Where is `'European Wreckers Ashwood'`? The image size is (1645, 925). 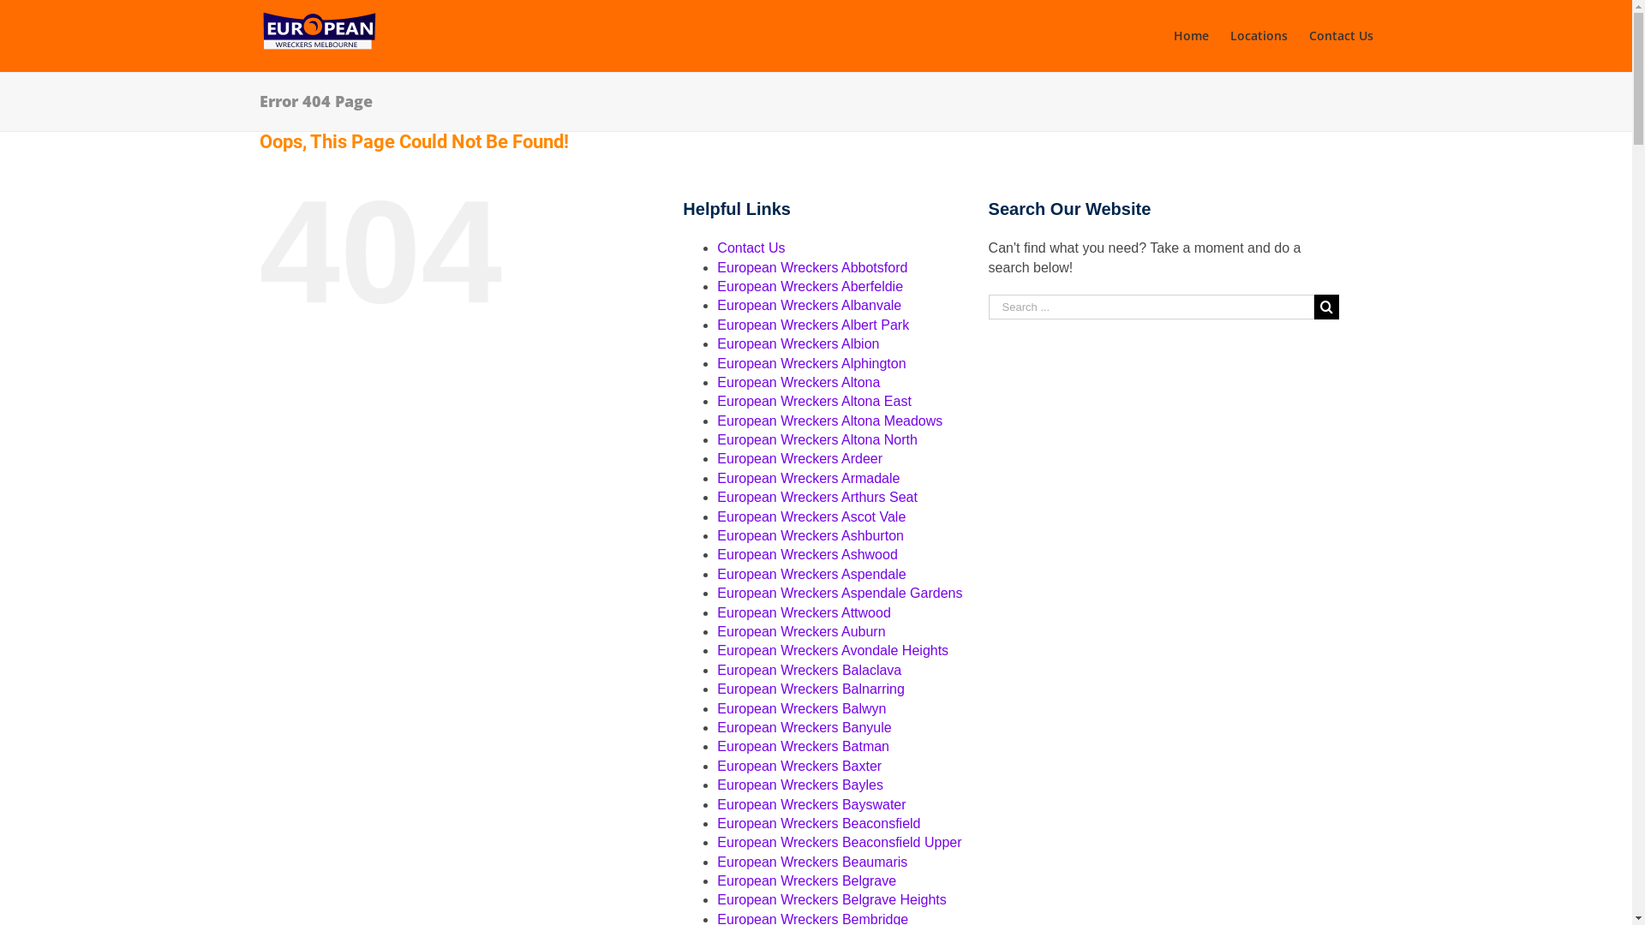 'European Wreckers Ashwood' is located at coordinates (805, 554).